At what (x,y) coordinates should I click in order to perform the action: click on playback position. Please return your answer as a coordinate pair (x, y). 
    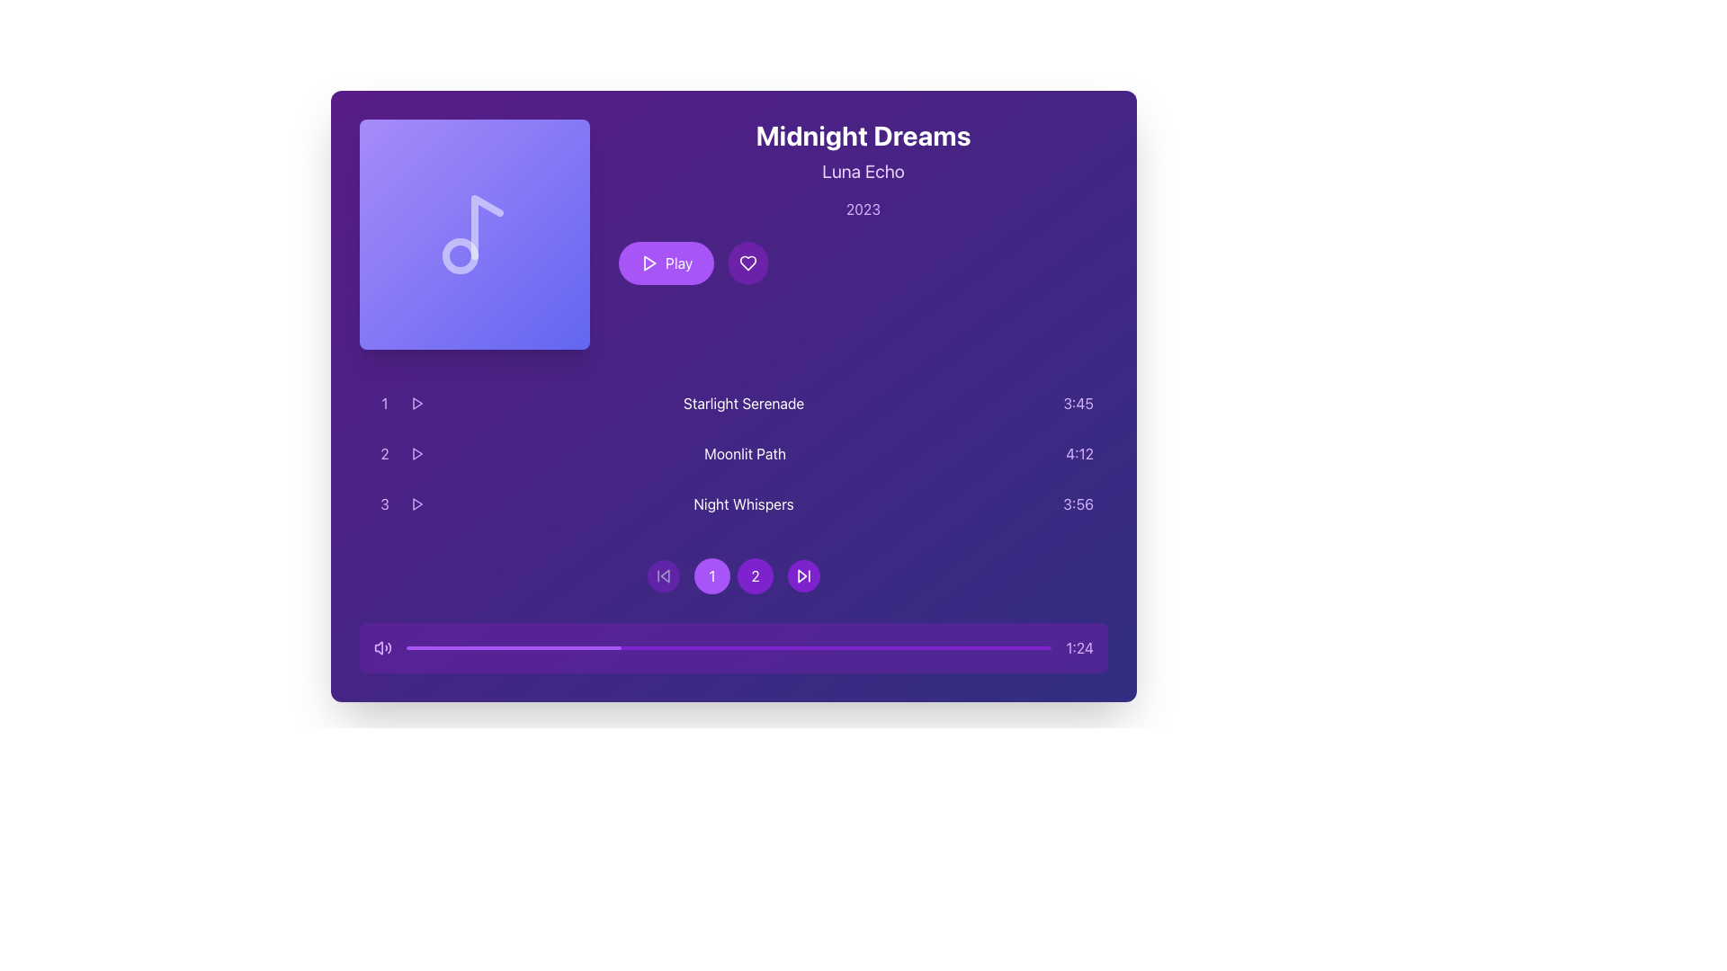
    Looking at the image, I should click on (528, 648).